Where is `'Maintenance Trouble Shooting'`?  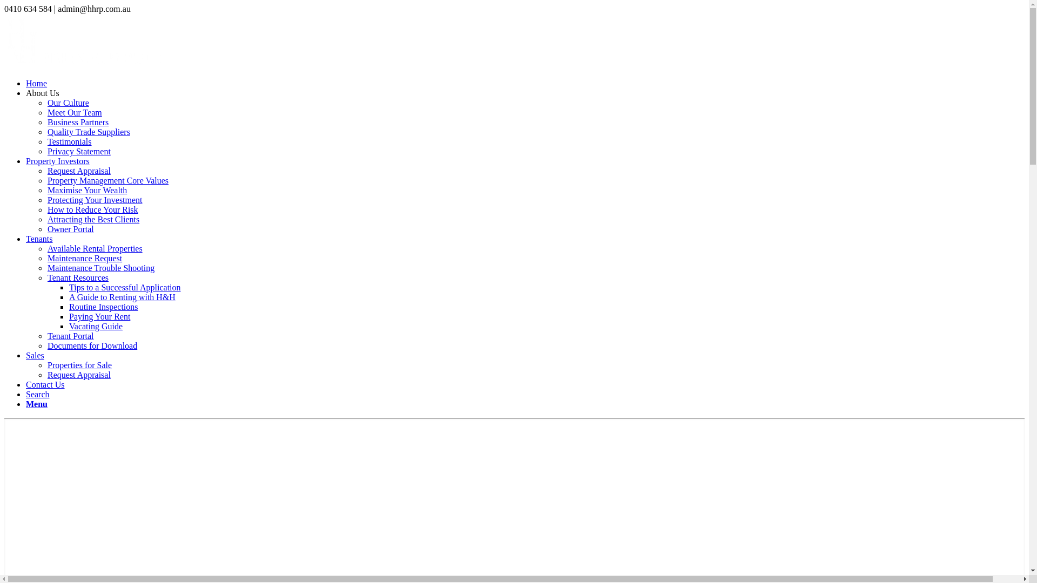
'Maintenance Trouble Shooting' is located at coordinates (101, 267).